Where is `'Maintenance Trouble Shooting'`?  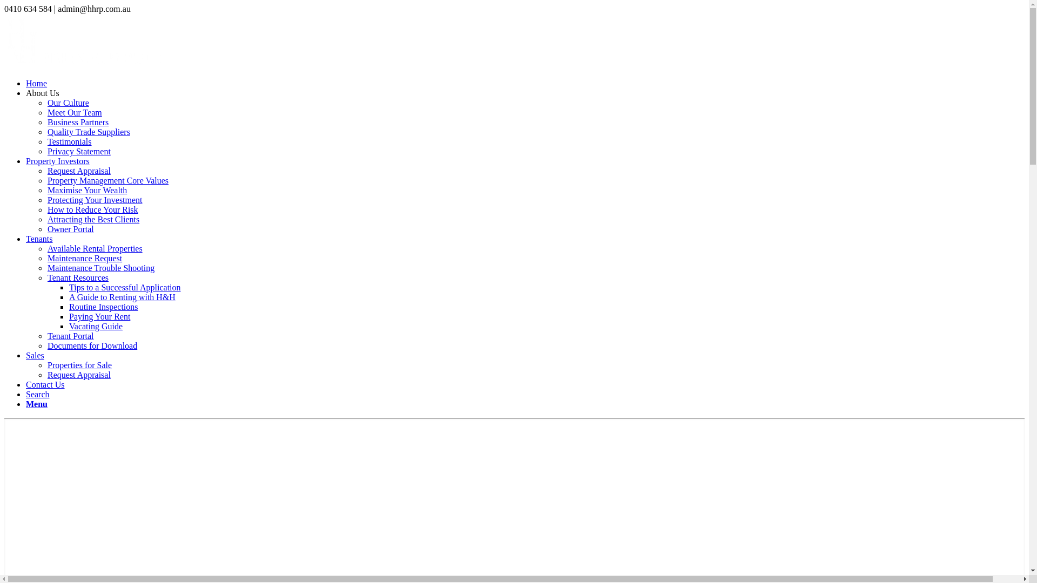
'Maintenance Trouble Shooting' is located at coordinates (101, 267).